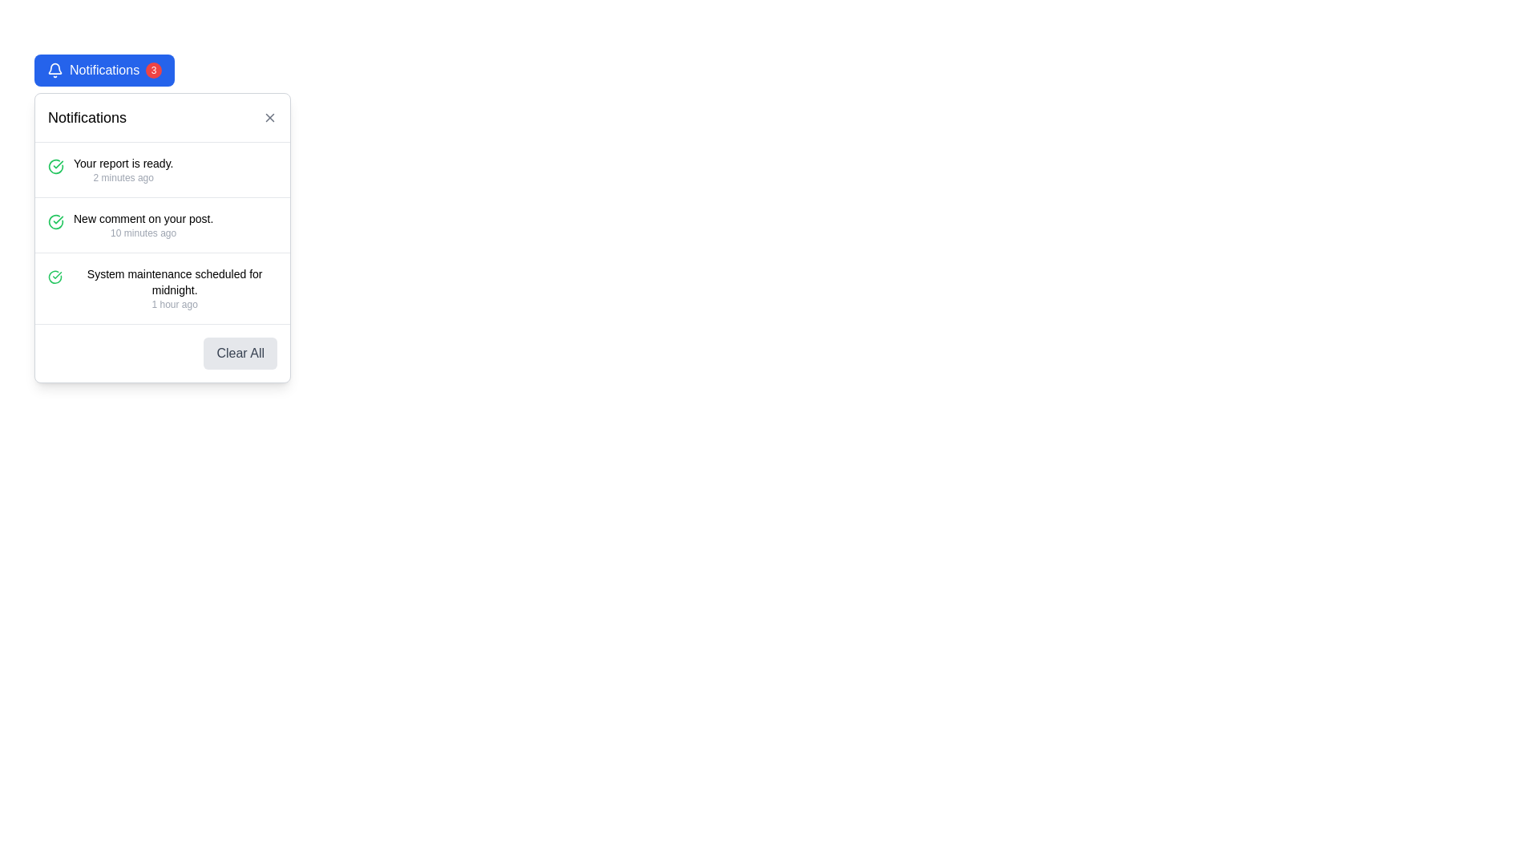  Describe the element at coordinates (175, 305) in the screenshot. I see `the text display element that shows '1 hour ago', located in the lower-left corner of the notification message 'System maintenance scheduled for midnight.'` at that location.